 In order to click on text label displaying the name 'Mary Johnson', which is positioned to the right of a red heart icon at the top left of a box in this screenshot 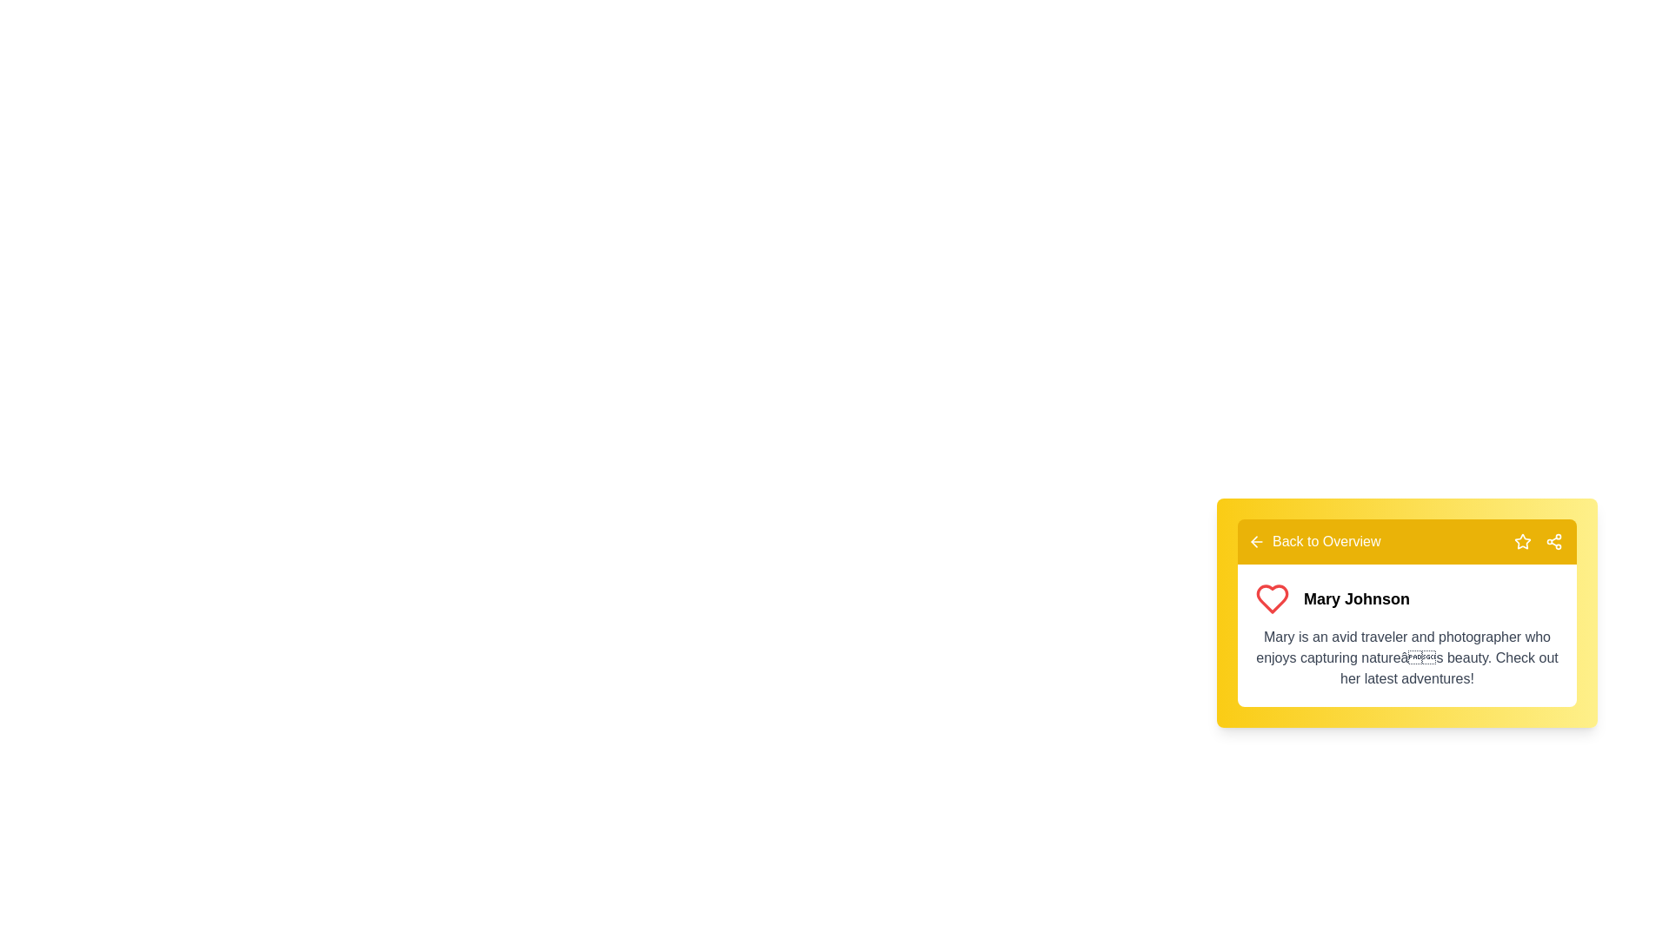, I will do `click(1406, 598)`.